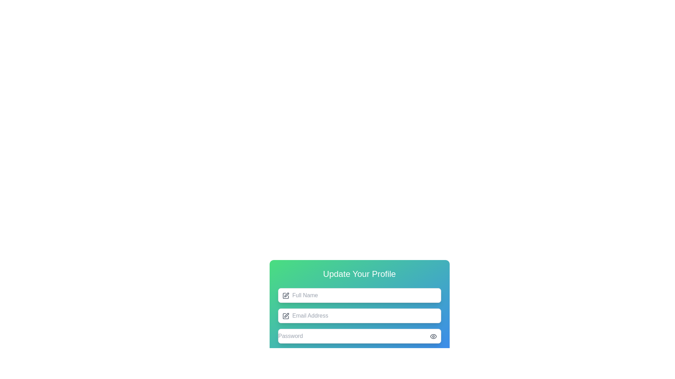 This screenshot has height=379, width=675. Describe the element at coordinates (285, 316) in the screenshot. I see `the editing icon resembling a pen located in the upper-left corner of the 'Email Address' input field` at that location.